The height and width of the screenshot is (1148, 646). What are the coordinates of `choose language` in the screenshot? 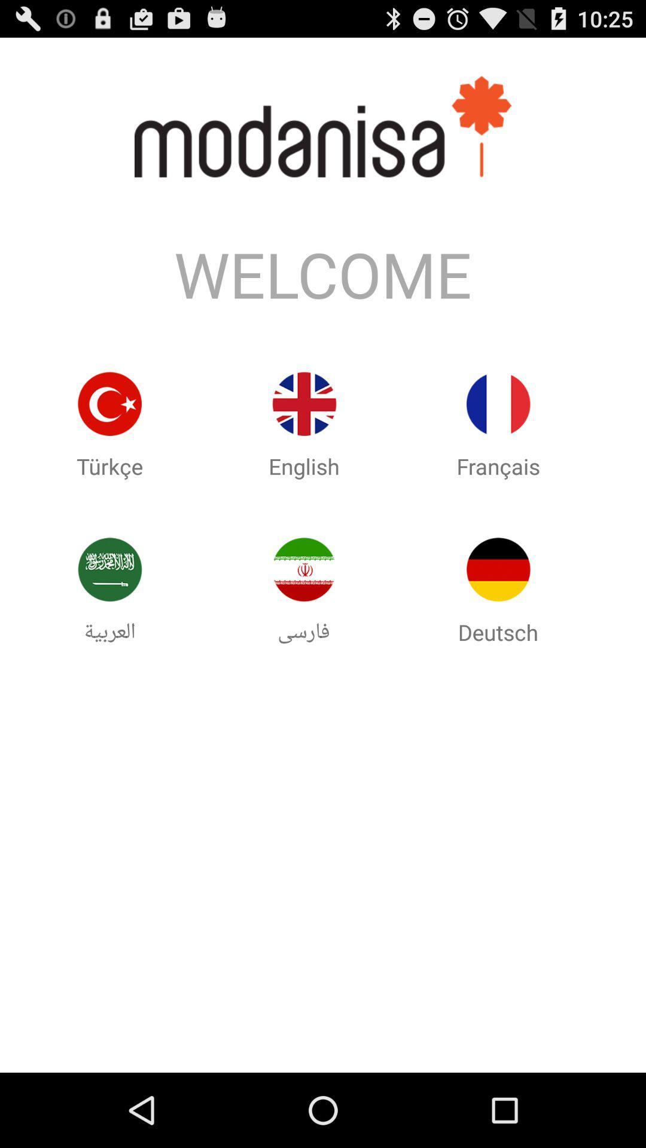 It's located at (498, 404).